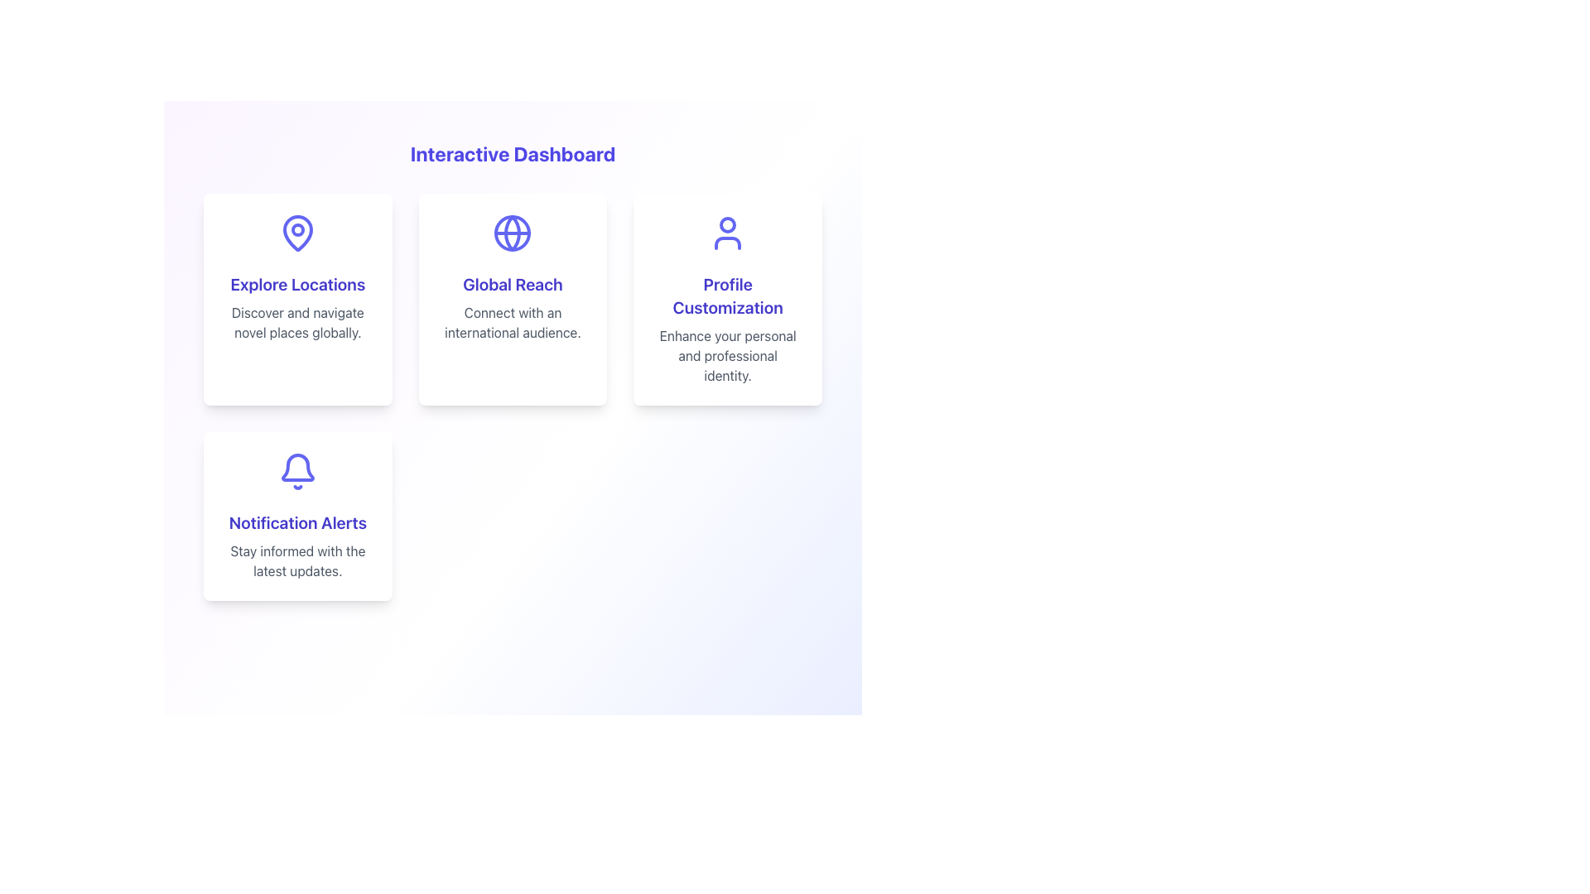 Image resolution: width=1590 pixels, height=894 pixels. What do you see at coordinates (728, 296) in the screenshot?
I see `the text that reads 'Profile Customization', which is styled in bold, indigo-colored font and located in the third card of the second row` at bounding box center [728, 296].